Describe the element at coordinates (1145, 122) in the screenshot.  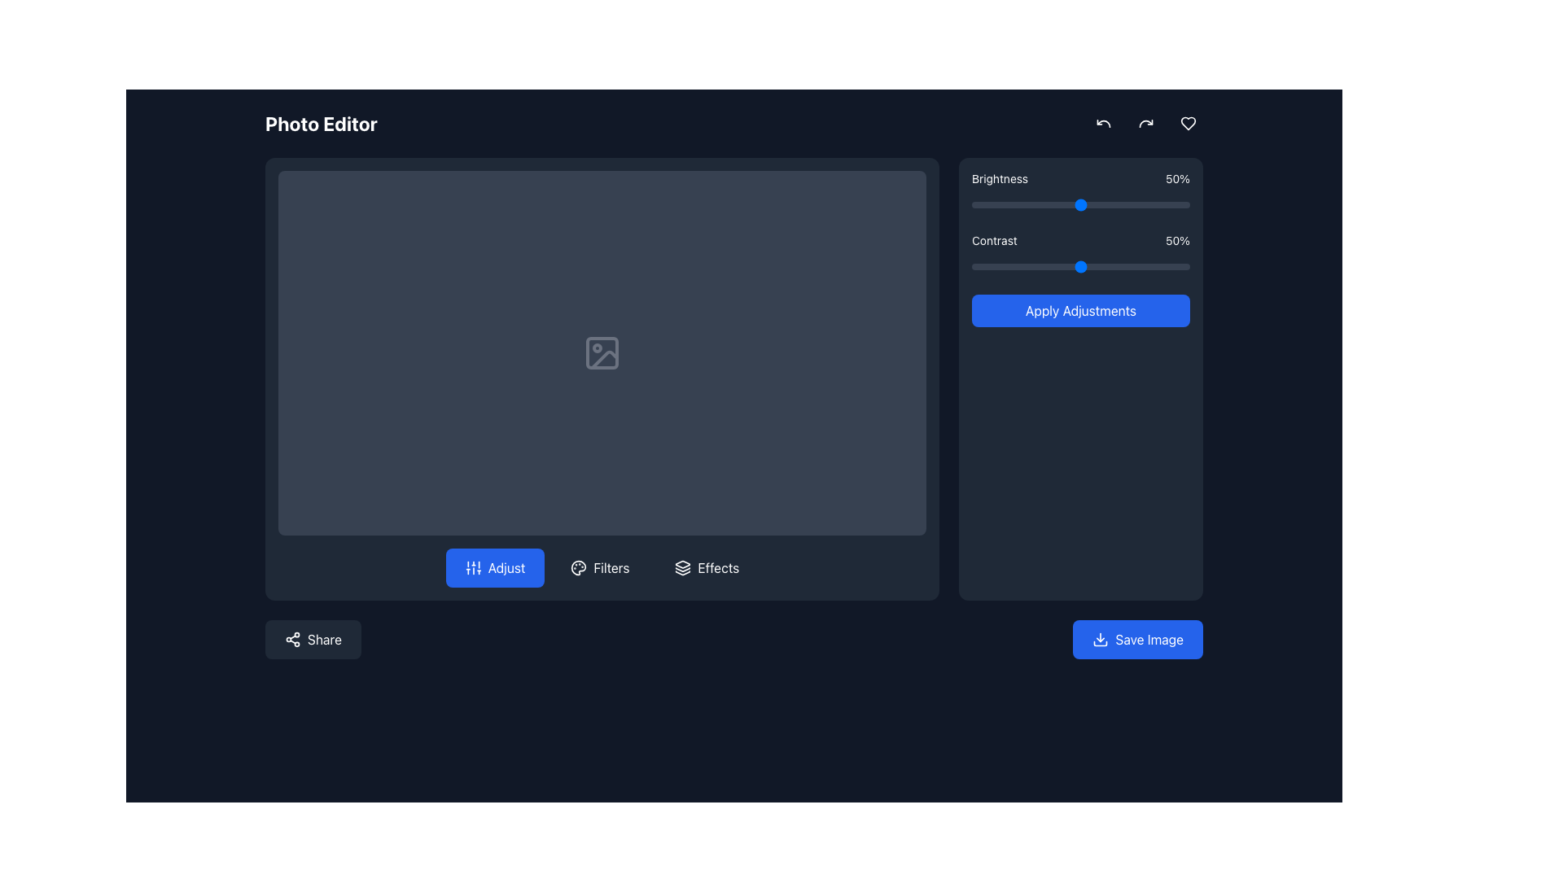
I see `the redo button, which is located in the upper right corner of the interface, next to the undo icon on the left and the heart icon on the right` at that location.